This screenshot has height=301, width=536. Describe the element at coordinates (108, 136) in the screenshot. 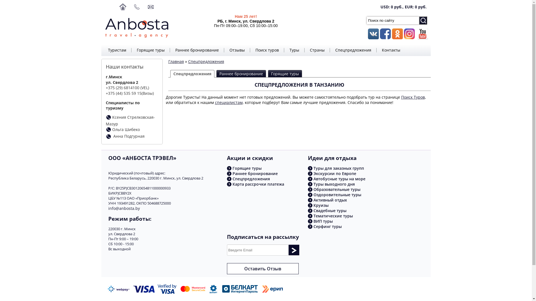

I see `' Tel '` at that location.